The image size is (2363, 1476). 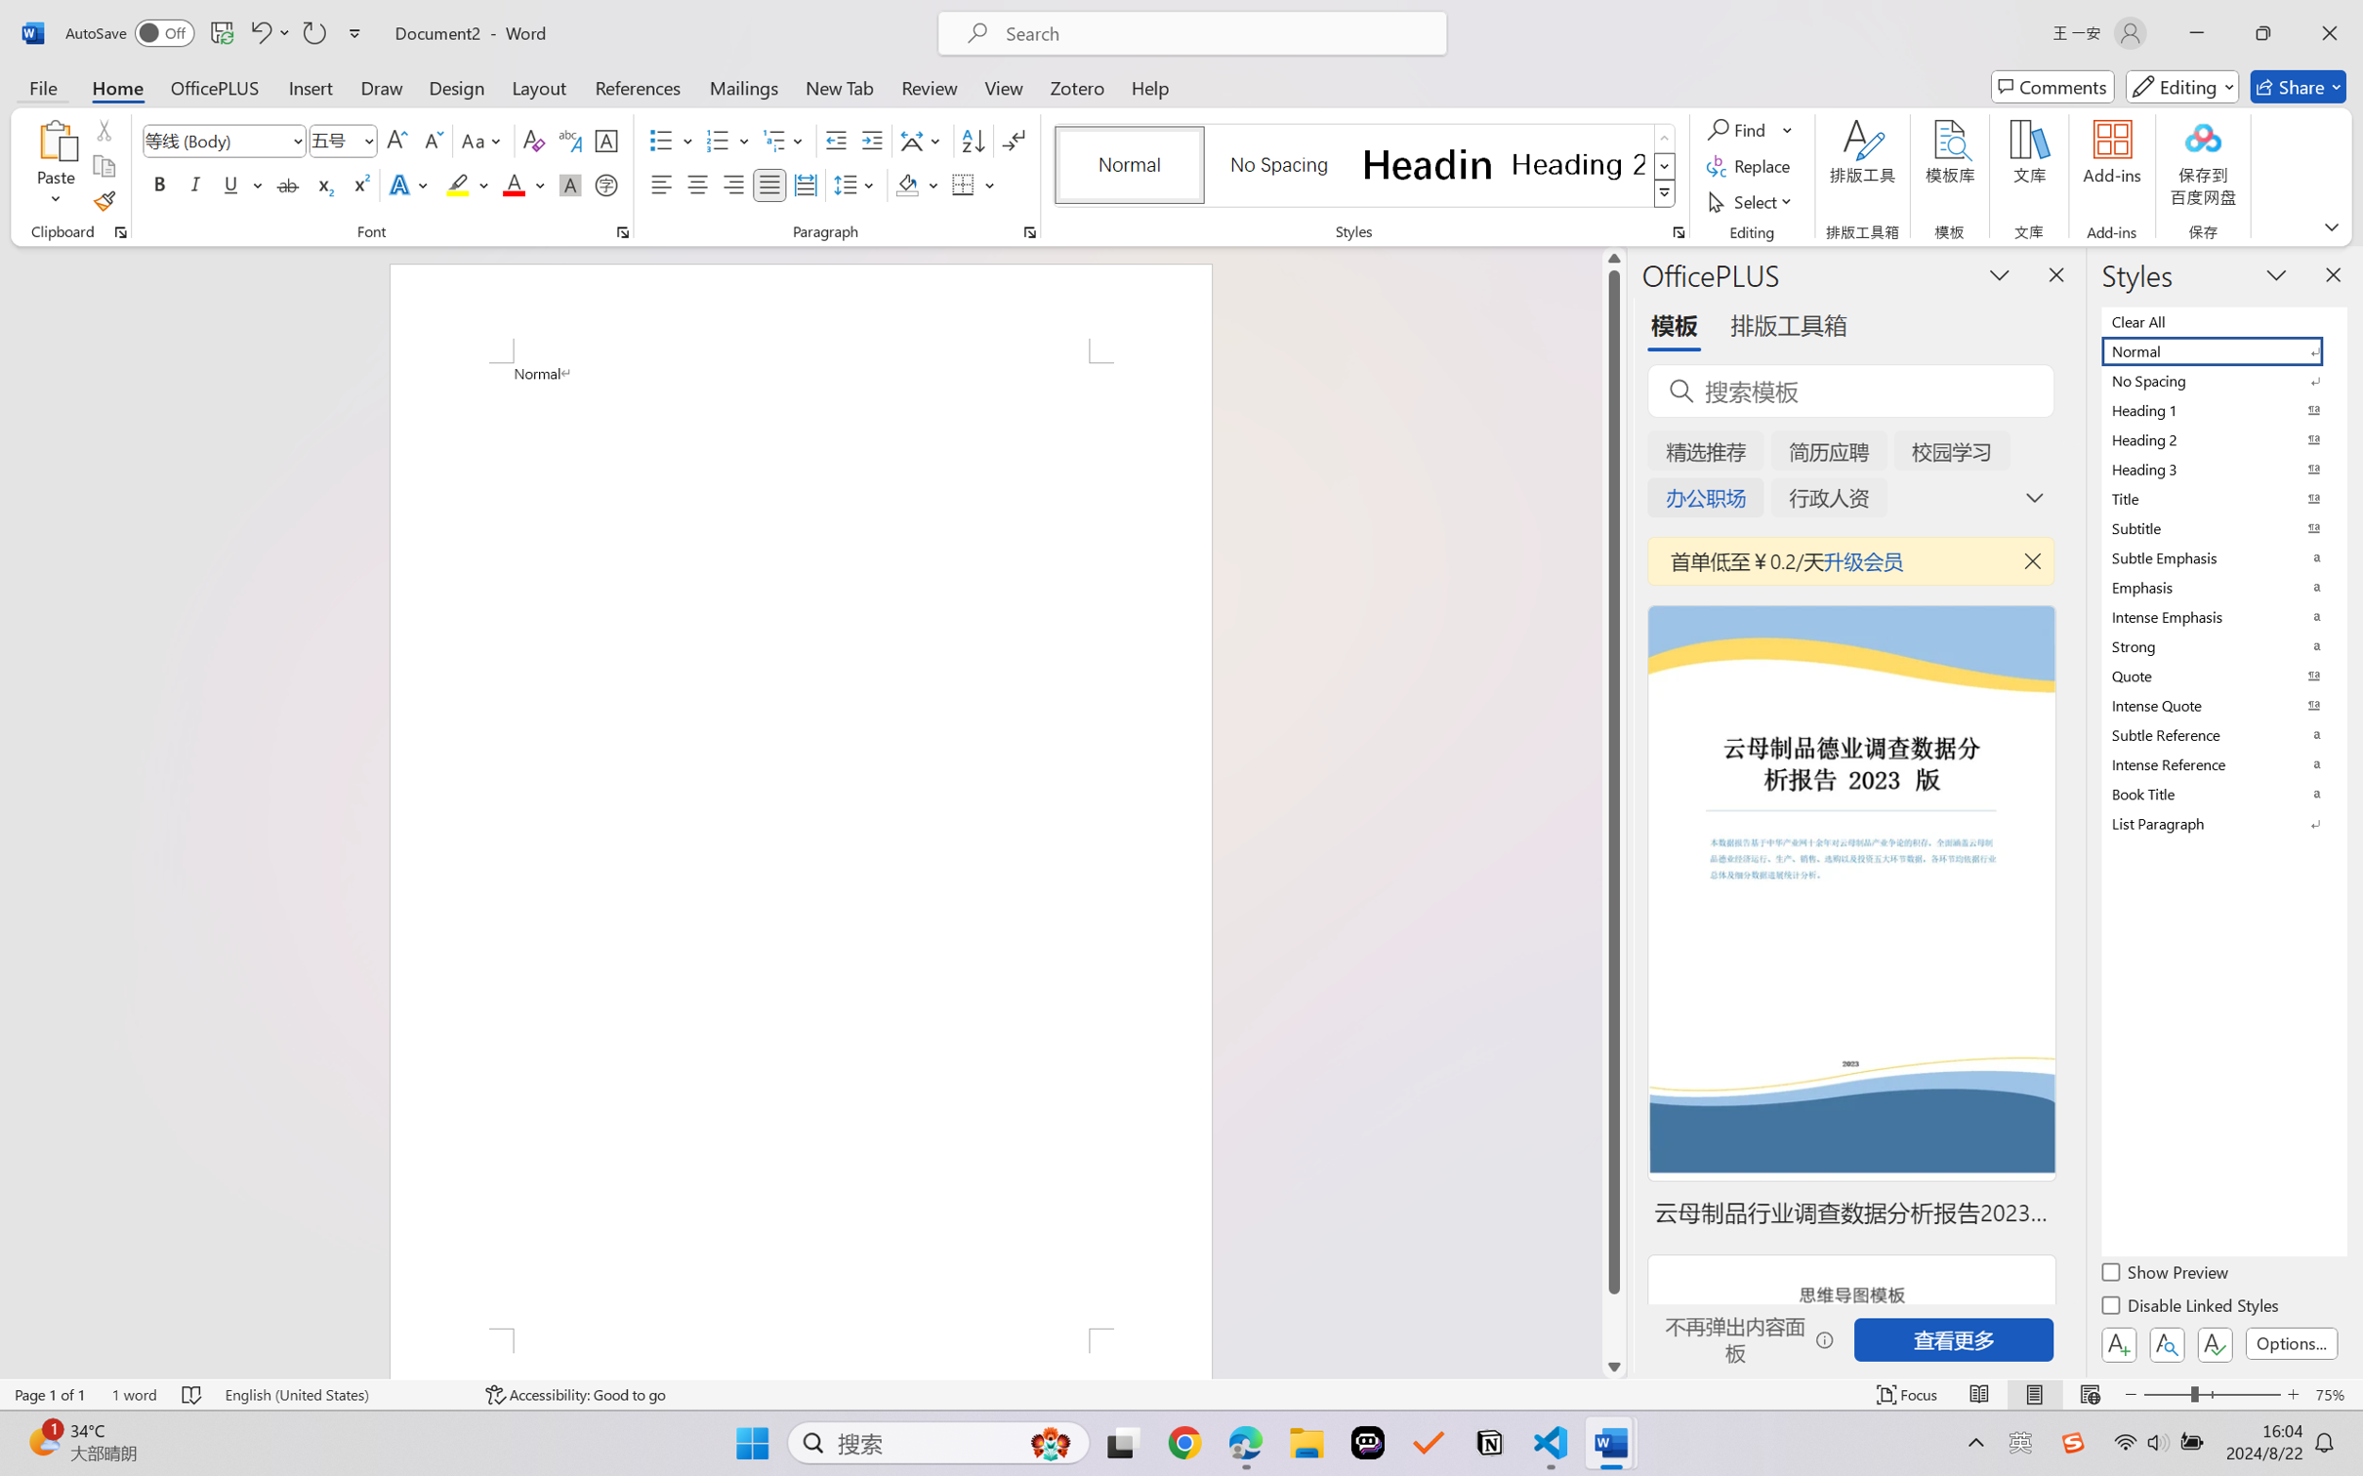 I want to click on 'Normal', so click(x=2221, y=349).